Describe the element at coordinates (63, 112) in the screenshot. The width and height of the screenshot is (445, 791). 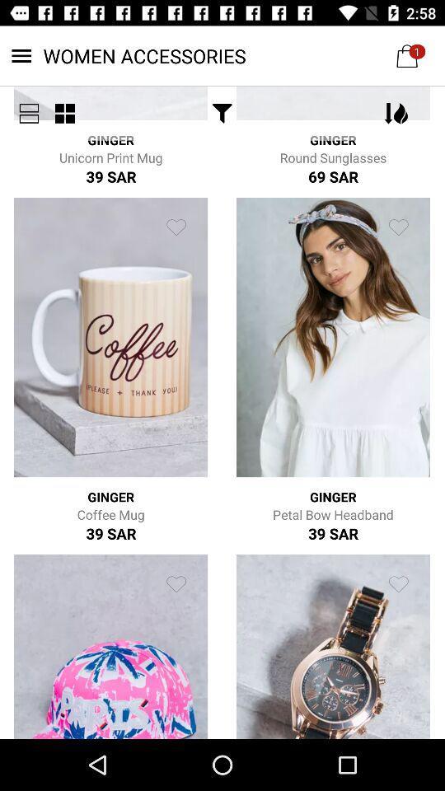
I see `the item below women accessories item` at that location.